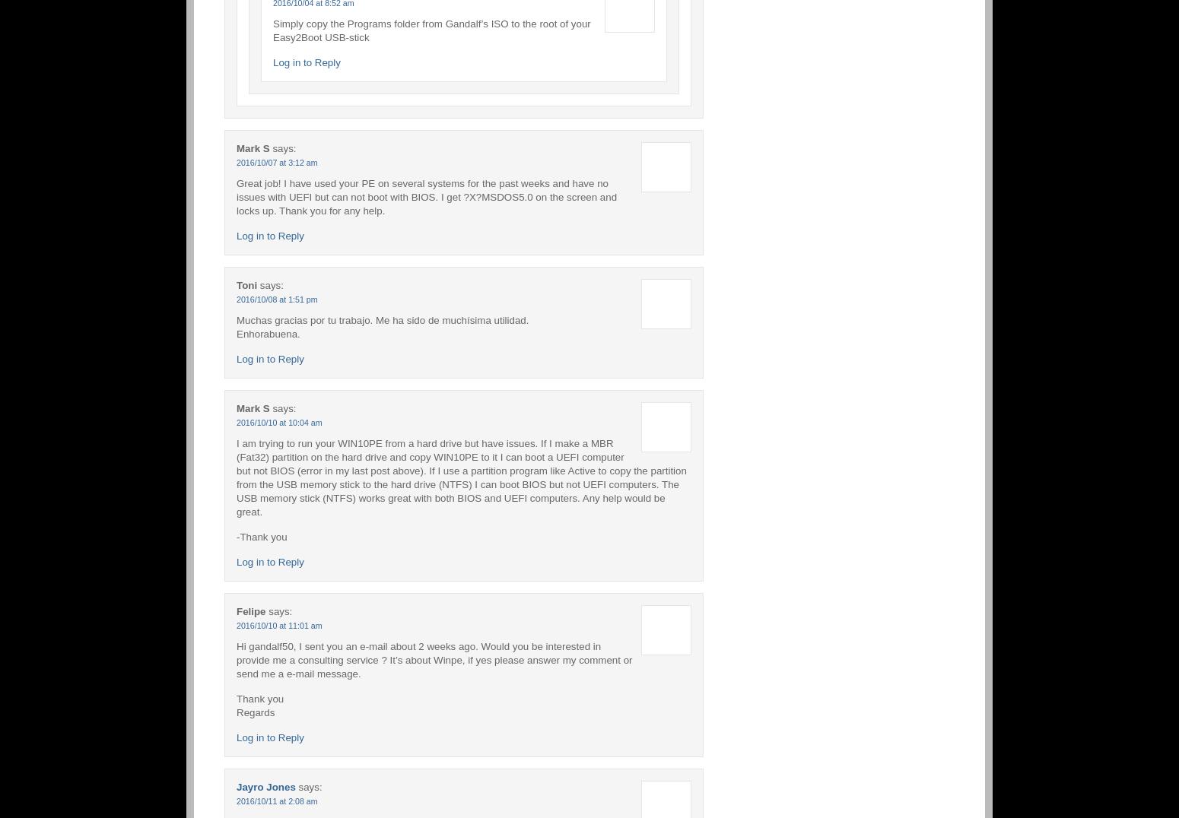 The image size is (1179, 818). What do you see at coordinates (236, 297) in the screenshot?
I see `'2016/10/08 at 1:51 pm'` at bounding box center [236, 297].